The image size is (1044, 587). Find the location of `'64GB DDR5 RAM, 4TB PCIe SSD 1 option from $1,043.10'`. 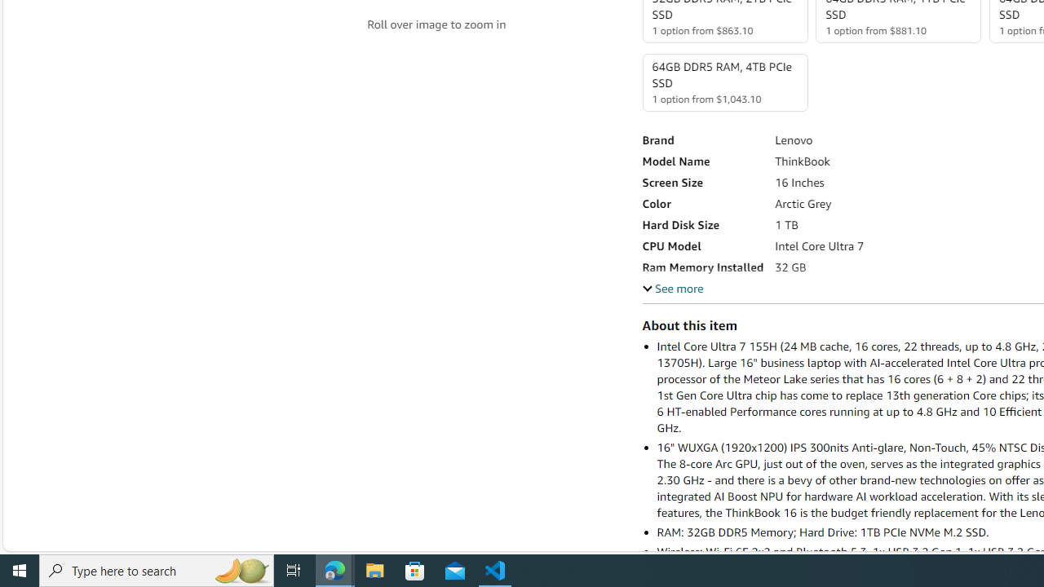

'64GB DDR5 RAM, 4TB PCIe SSD 1 option from $1,043.10' is located at coordinates (723, 82).